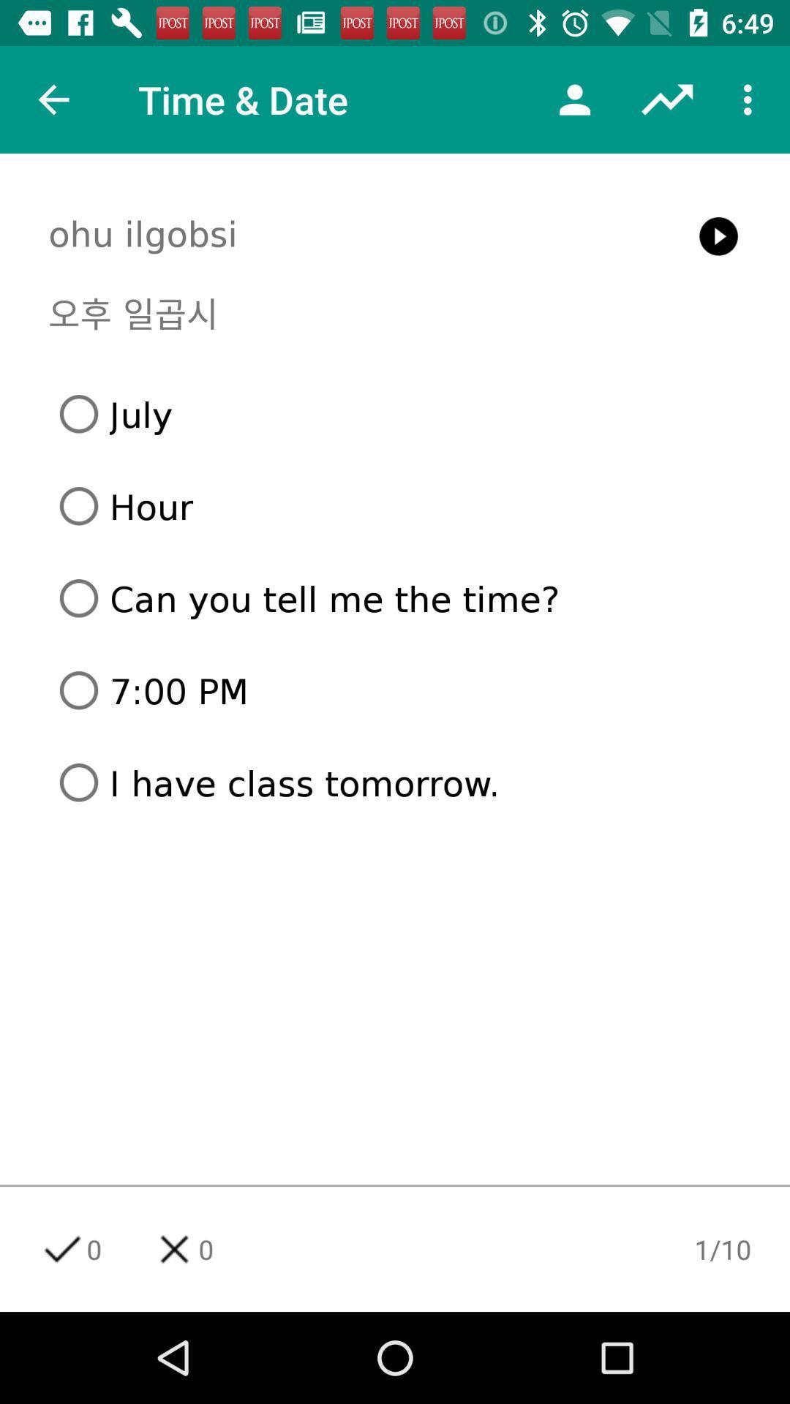 Image resolution: width=790 pixels, height=1404 pixels. What do you see at coordinates (400, 598) in the screenshot?
I see `the can you tell icon` at bounding box center [400, 598].